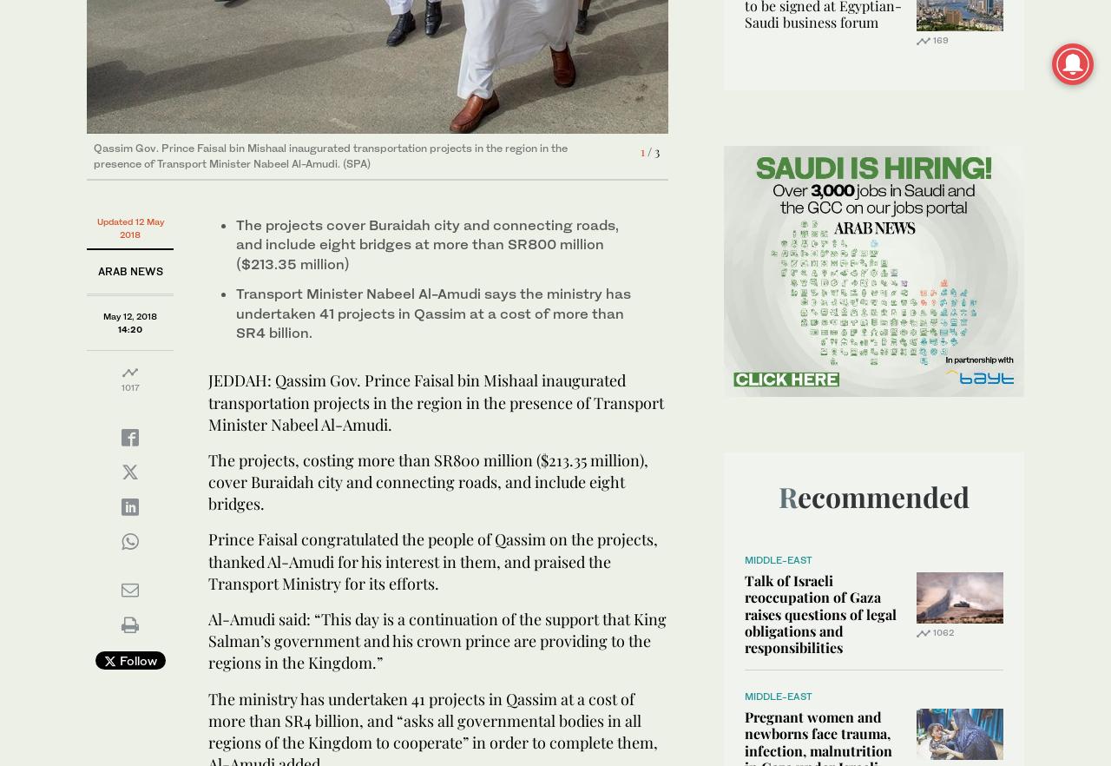  Describe the element at coordinates (427, 244) in the screenshot. I see `'The projects cover Buraidah city and connecting roads, and include eight bridges at more than SR800 million ($213.35 million)'` at that location.